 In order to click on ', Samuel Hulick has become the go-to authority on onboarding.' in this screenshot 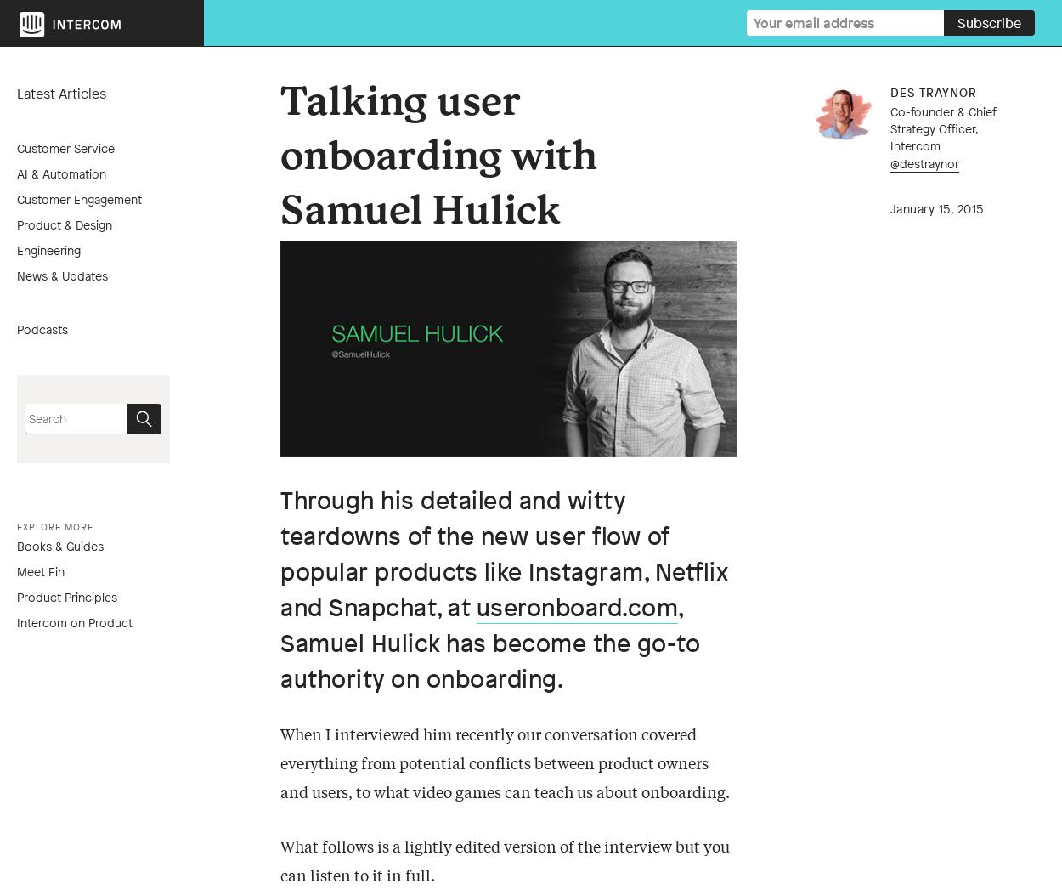, I will do `click(489, 643)`.